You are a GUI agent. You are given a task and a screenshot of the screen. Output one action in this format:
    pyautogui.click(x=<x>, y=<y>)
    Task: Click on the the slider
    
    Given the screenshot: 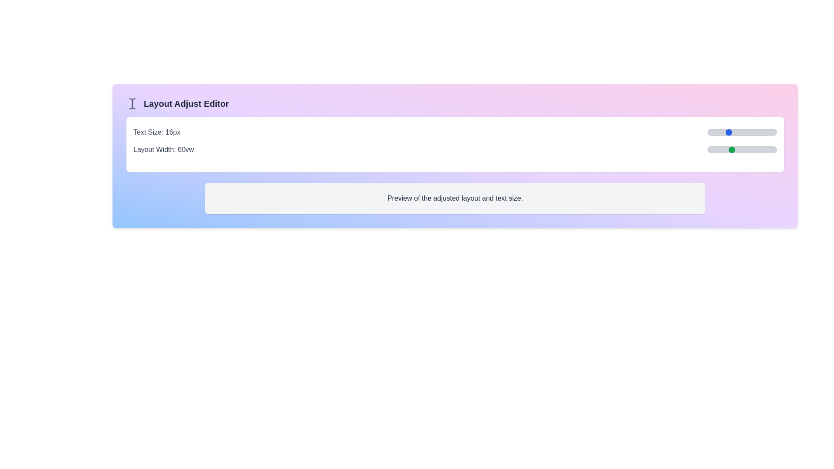 What is the action you would take?
    pyautogui.click(x=741, y=132)
    